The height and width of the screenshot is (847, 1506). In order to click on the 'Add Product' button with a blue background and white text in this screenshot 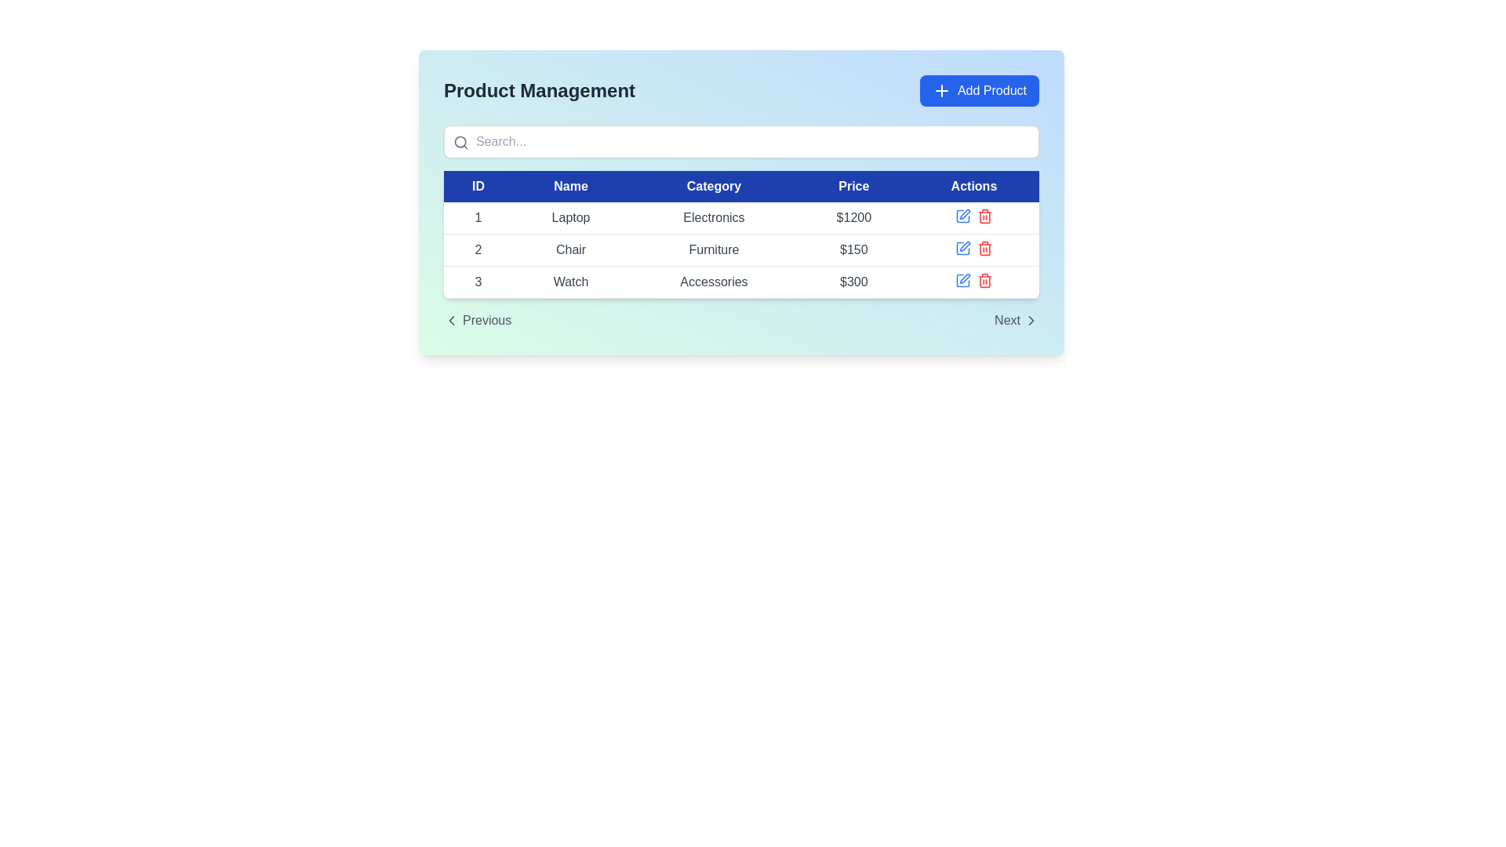, I will do `click(978, 90)`.